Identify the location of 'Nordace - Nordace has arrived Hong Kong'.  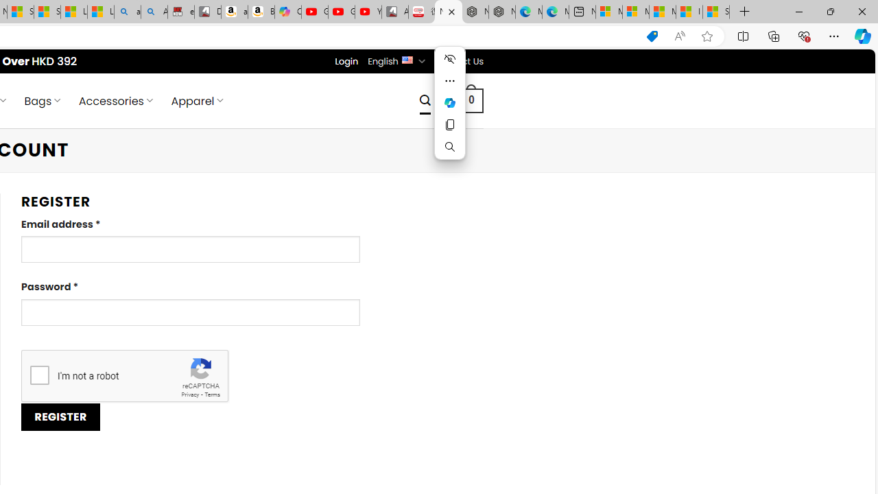
(501, 12).